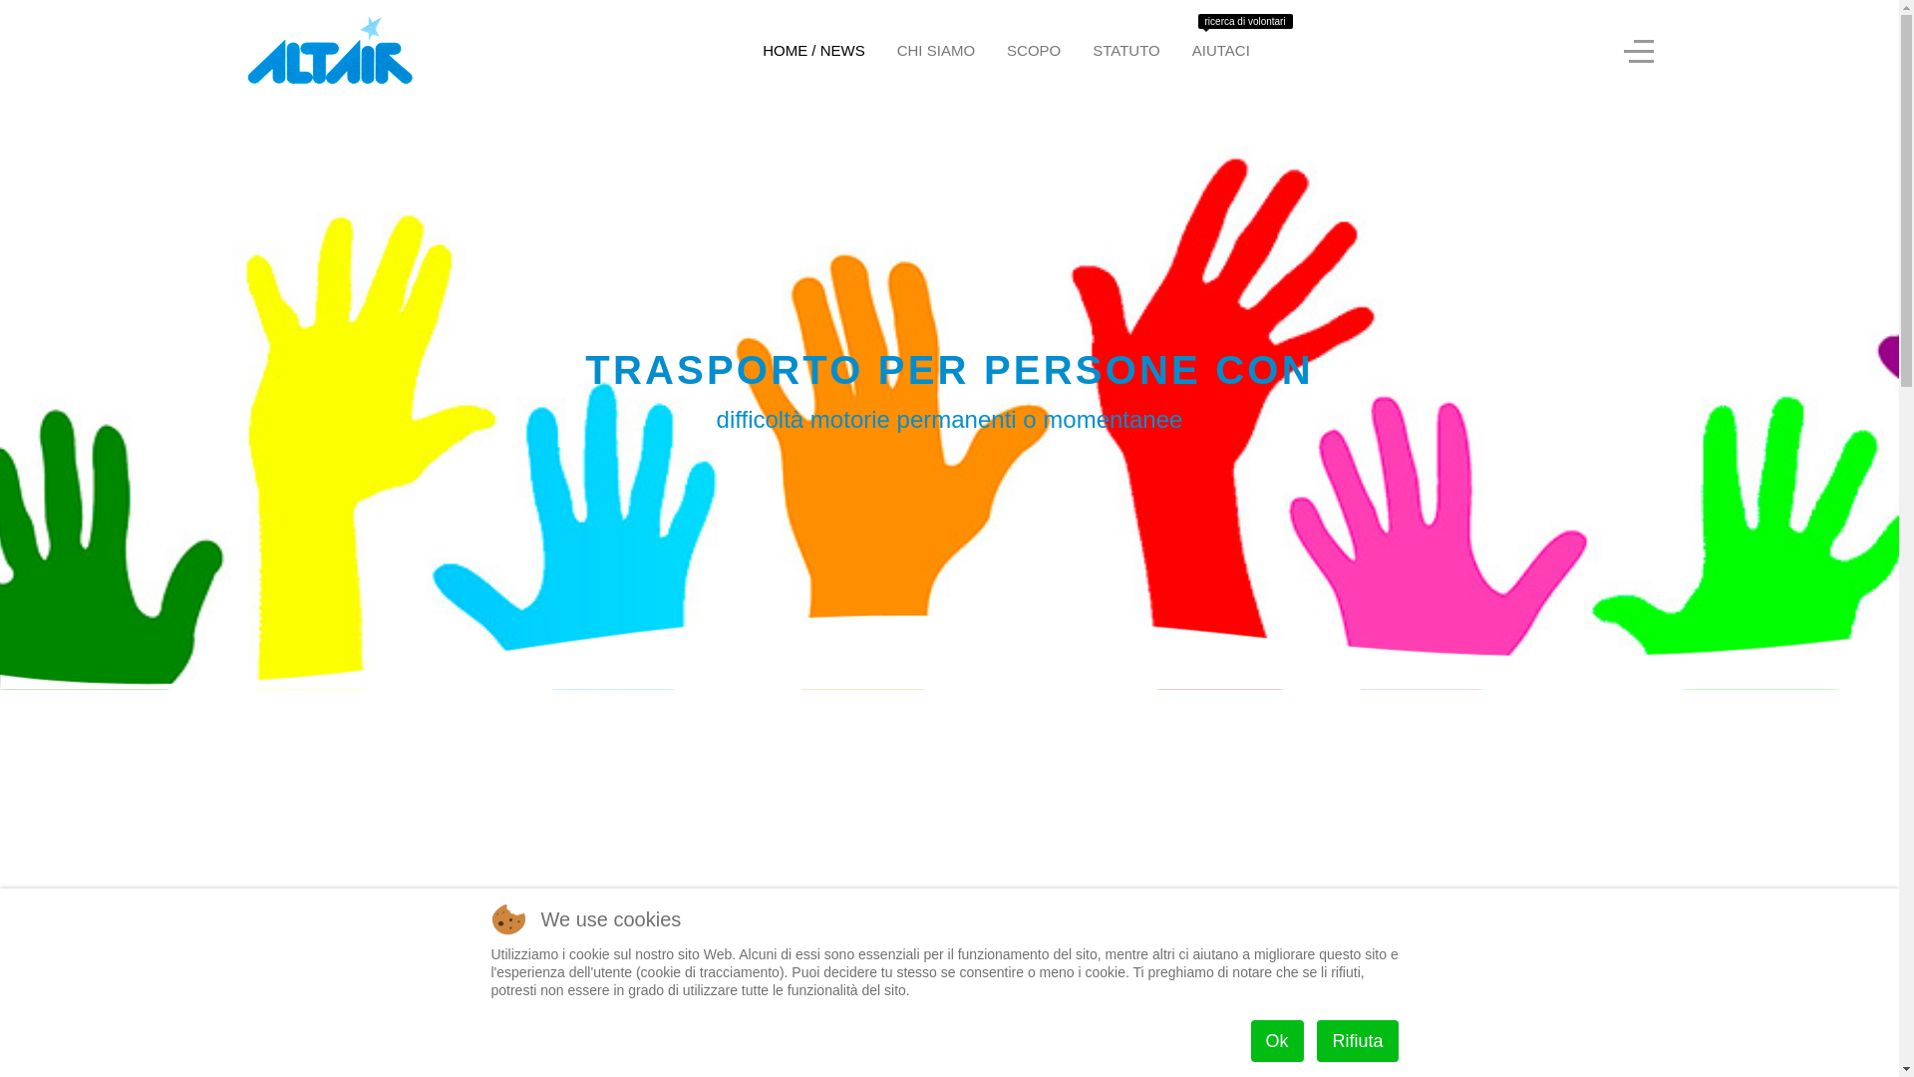 Image resolution: width=1914 pixels, height=1077 pixels. Describe the element at coordinates (1249, 1040) in the screenshot. I see `'Ok'` at that location.